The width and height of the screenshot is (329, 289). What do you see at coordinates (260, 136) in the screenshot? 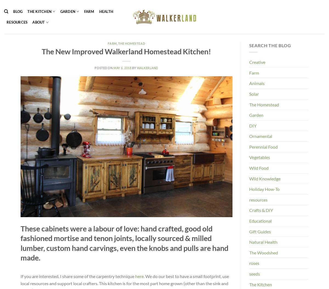
I see `'Ornamental'` at bounding box center [260, 136].